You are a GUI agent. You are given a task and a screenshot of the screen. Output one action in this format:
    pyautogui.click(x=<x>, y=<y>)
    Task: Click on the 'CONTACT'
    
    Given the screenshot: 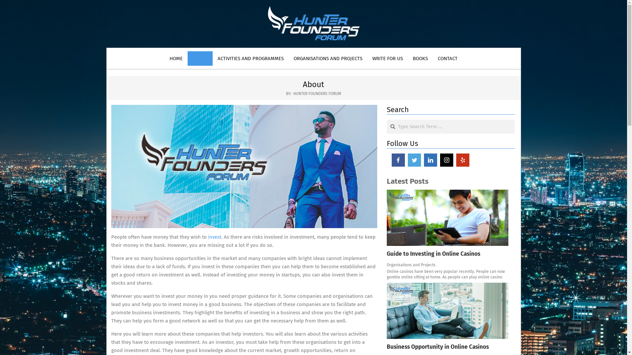 What is the action you would take?
    pyautogui.click(x=447, y=58)
    